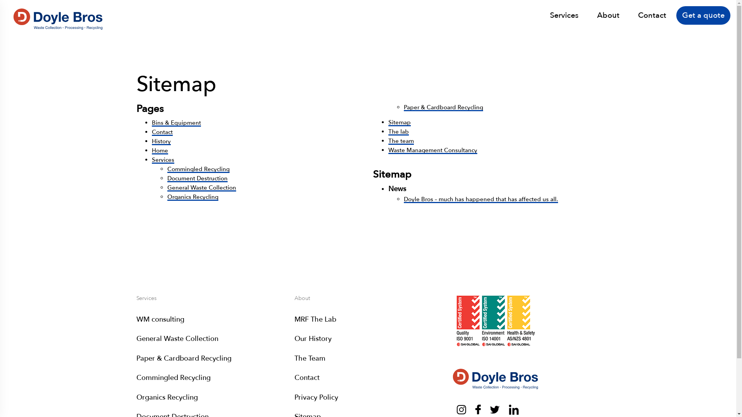  I want to click on 'Commingled Recycling', so click(198, 169).